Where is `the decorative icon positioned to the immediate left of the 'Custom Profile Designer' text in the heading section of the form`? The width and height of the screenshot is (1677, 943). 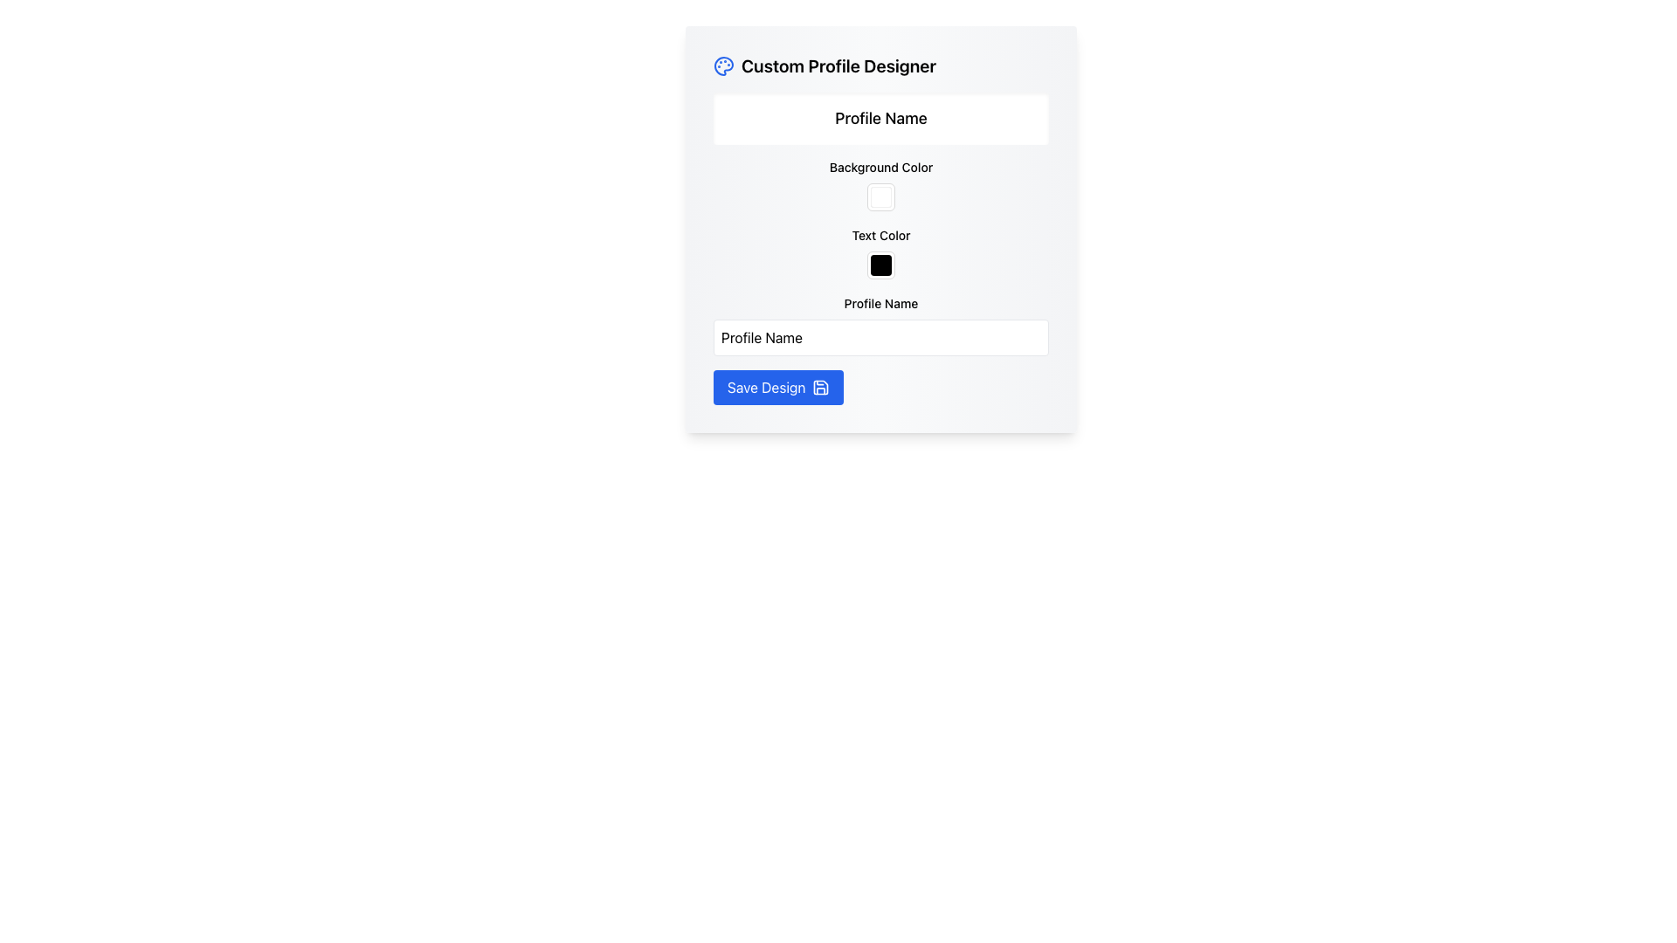
the decorative icon positioned to the immediate left of the 'Custom Profile Designer' text in the heading section of the form is located at coordinates (724, 65).